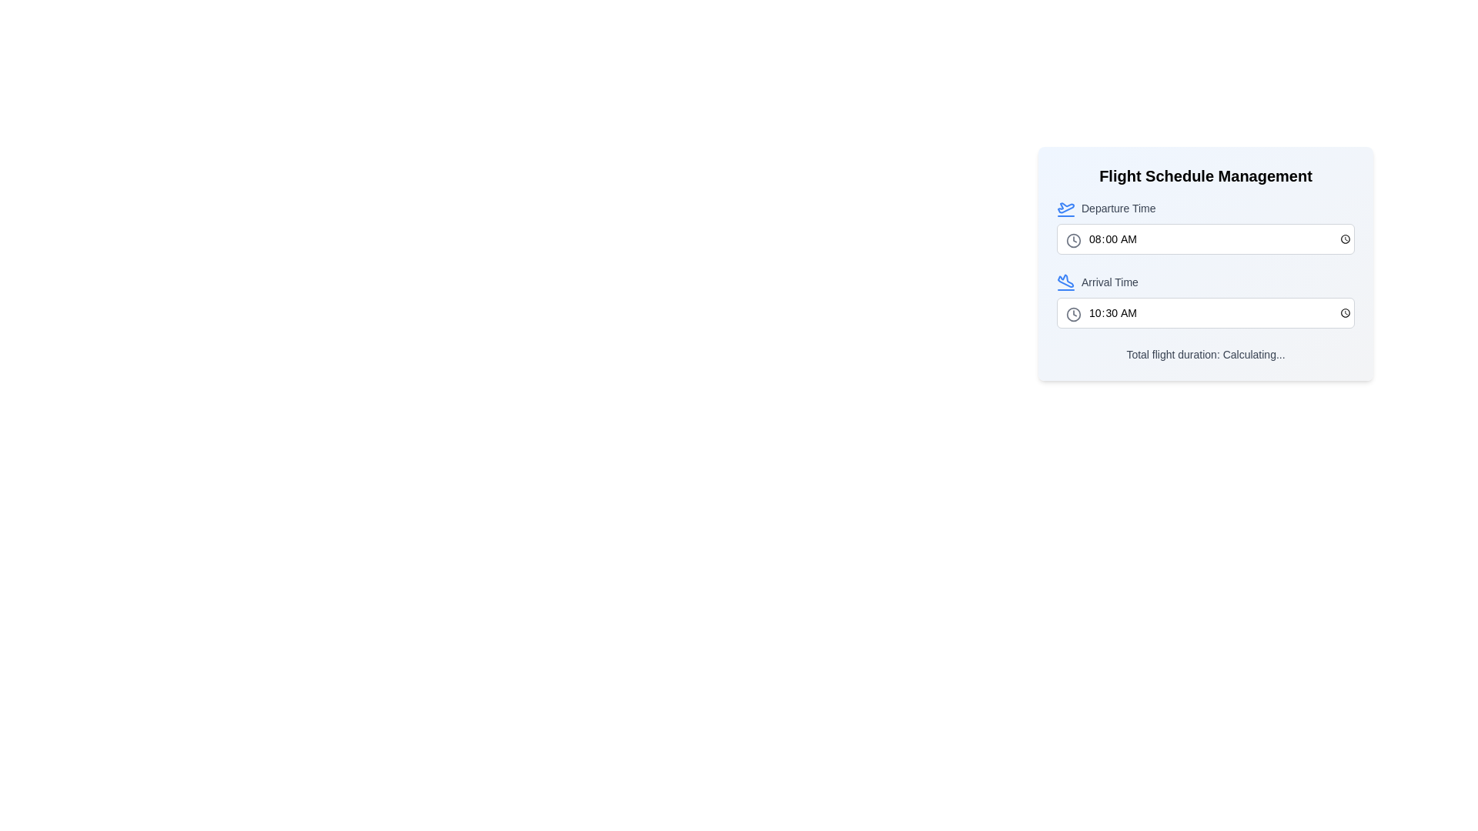 The image size is (1478, 831). Describe the element at coordinates (1065, 282) in the screenshot. I see `the blue airplane landing icon that is located to the left of the 'Arrival Time' text` at that location.